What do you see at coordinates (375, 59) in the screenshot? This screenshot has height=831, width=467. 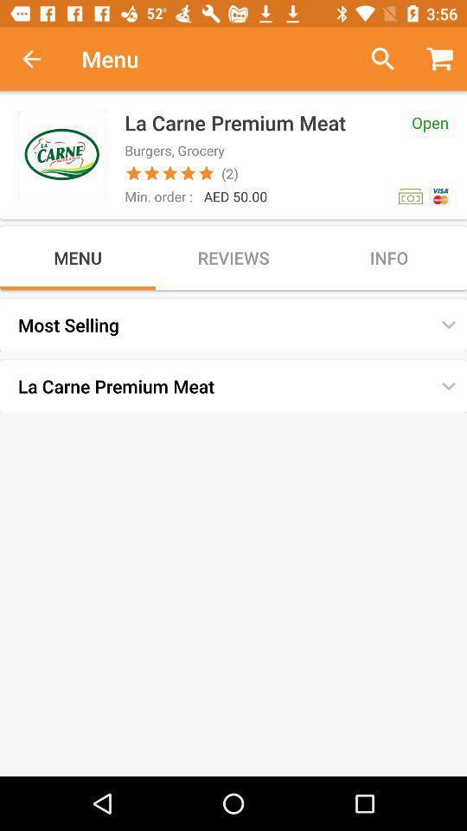 I see `item to the right of menu icon` at bounding box center [375, 59].